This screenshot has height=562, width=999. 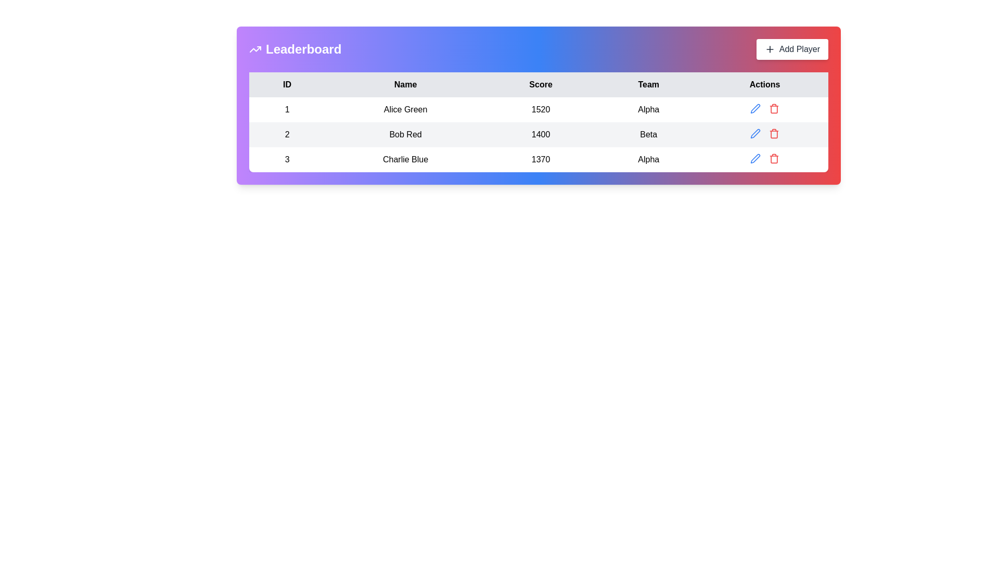 I want to click on the 'Add Player' button located at the top-right corner of the leaderboard section, which features a plus icon and the text in black on a white background, so click(x=791, y=49).